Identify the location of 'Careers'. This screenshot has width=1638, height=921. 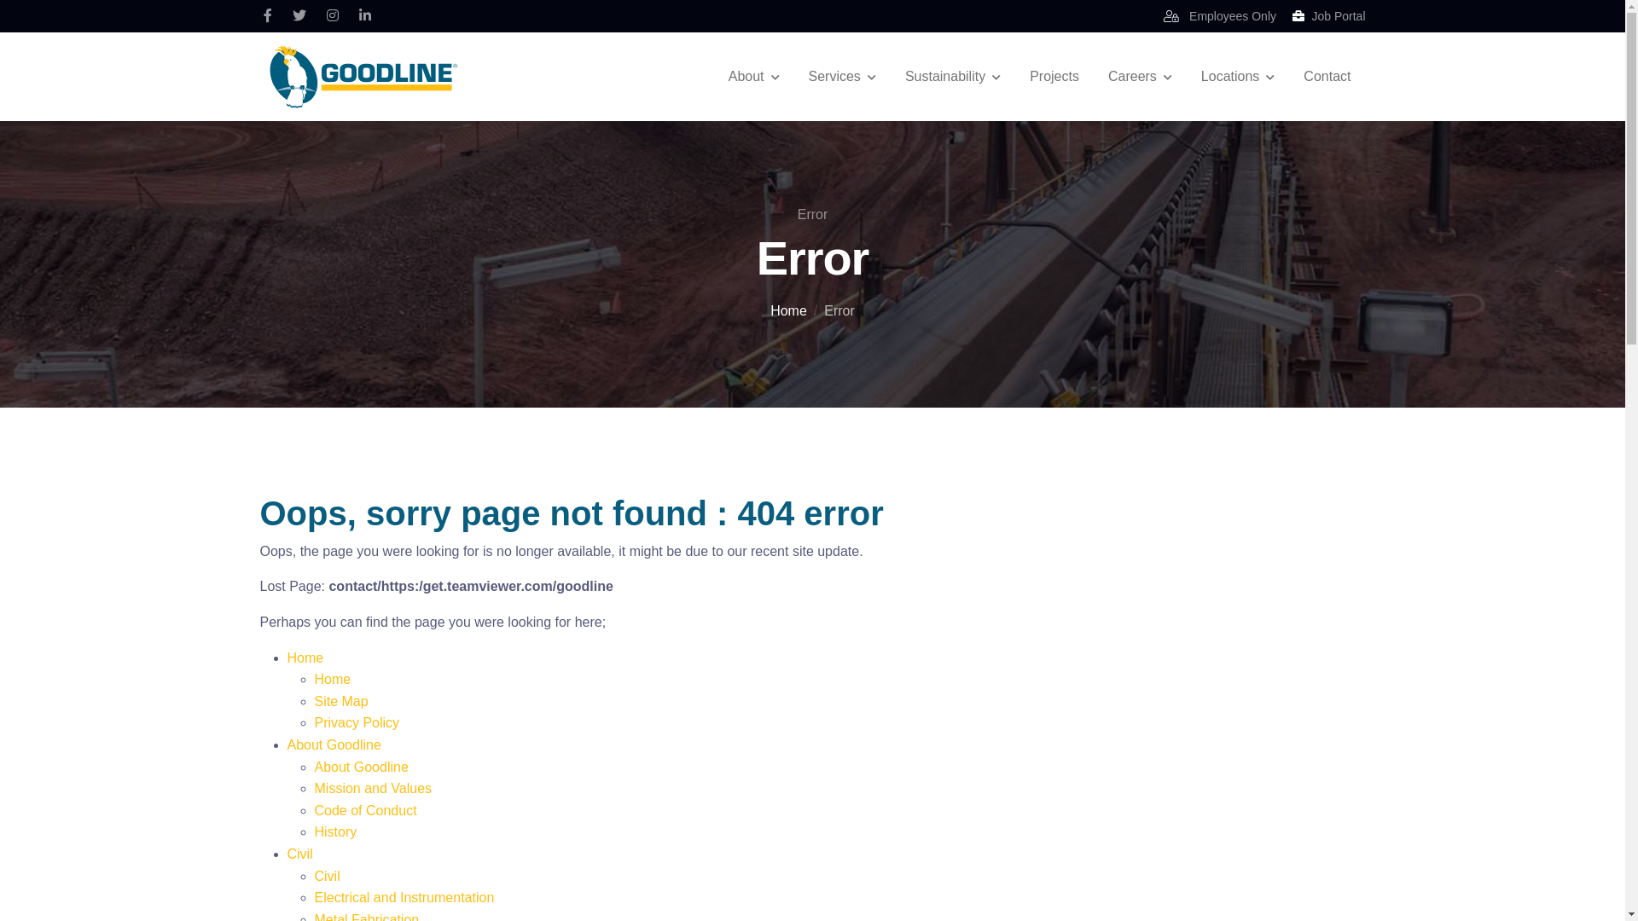
(1140, 77).